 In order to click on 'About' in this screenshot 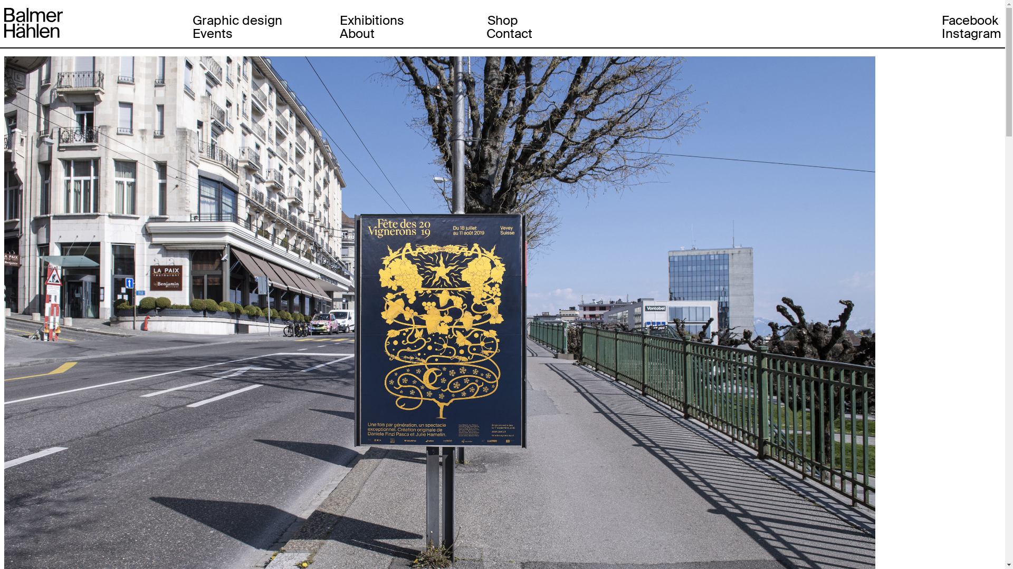, I will do `click(357, 33)`.